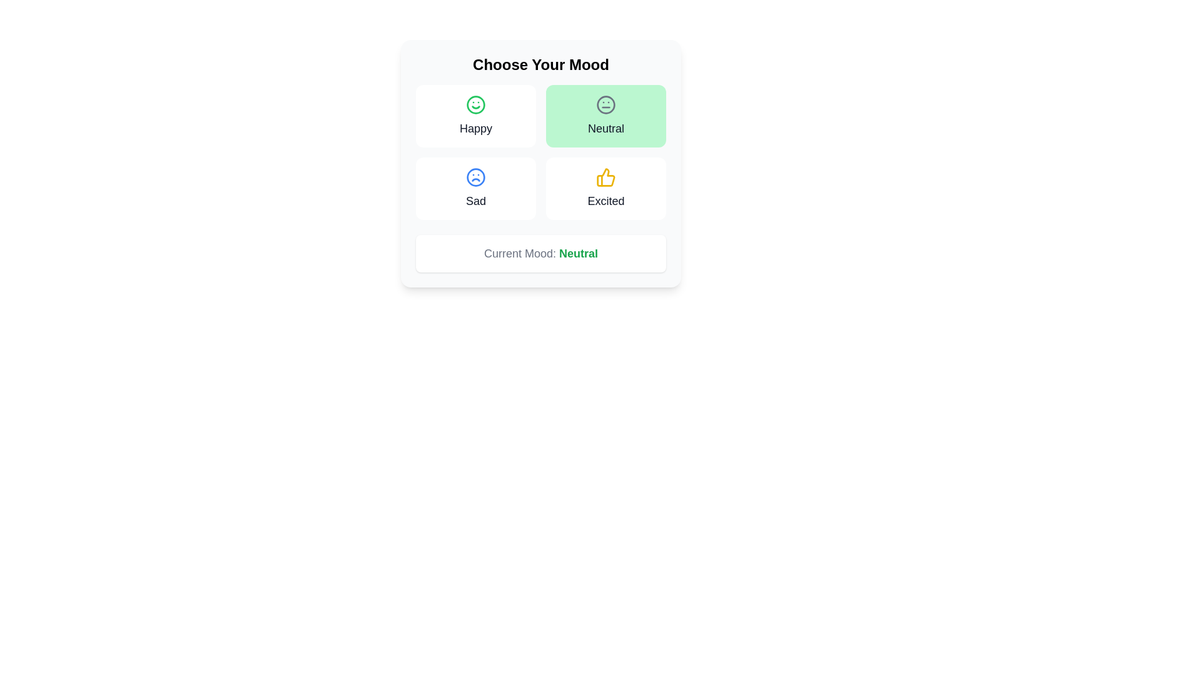  I want to click on text displayed in the Text display with emphasis that shows 'Current Mood: Neutral', where 'Neutral' is emphasized in green, so click(540, 253).